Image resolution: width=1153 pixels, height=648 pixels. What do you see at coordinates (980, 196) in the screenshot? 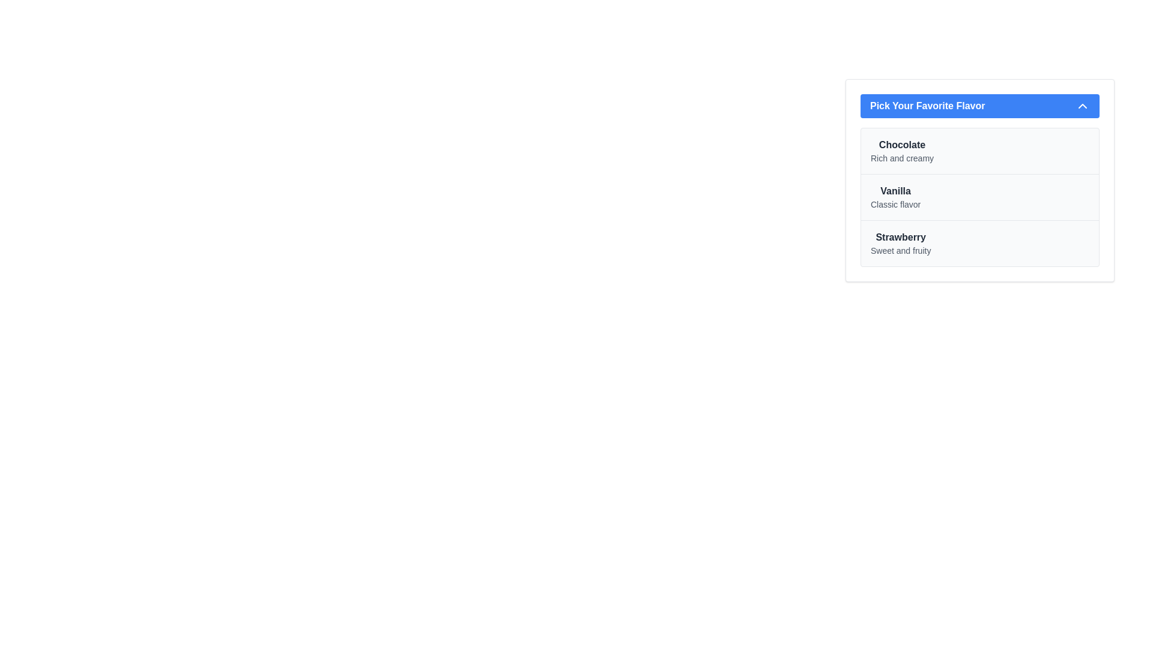
I see `the selectable list item labeled 'Vanilla' with the subtitle 'Classic flavor', which is the second item under 'Pick Your Favorite Flavor'` at bounding box center [980, 196].